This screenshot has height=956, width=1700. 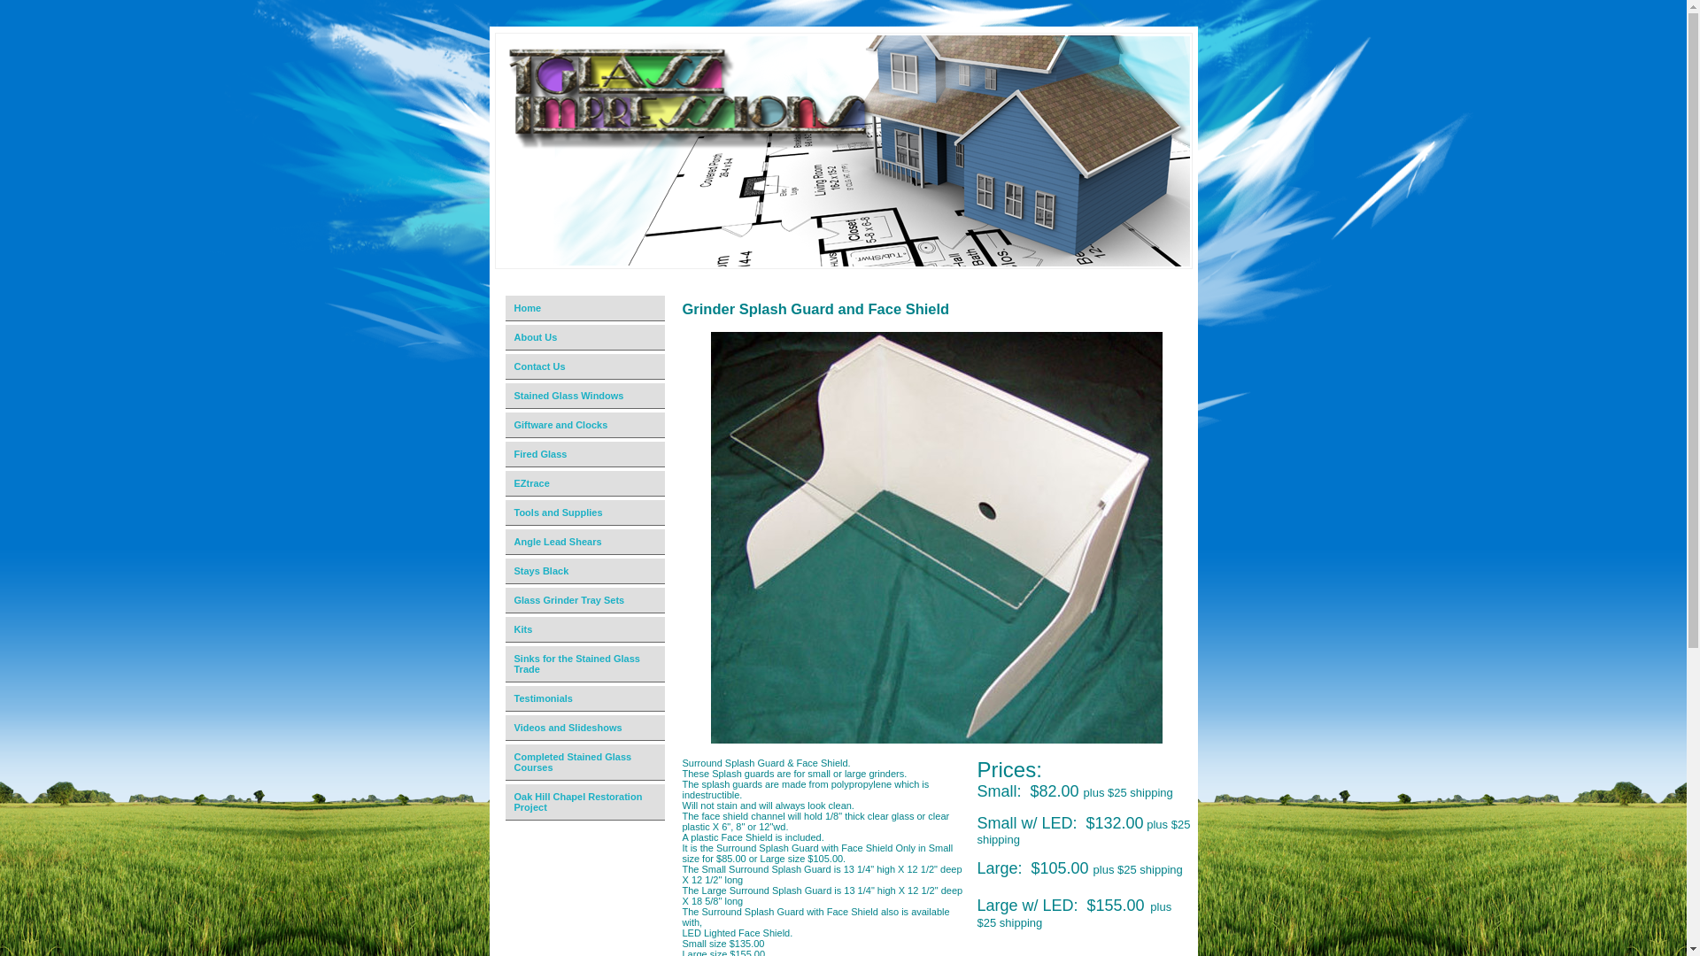 What do you see at coordinates (496, 628) in the screenshot?
I see `'Kits'` at bounding box center [496, 628].